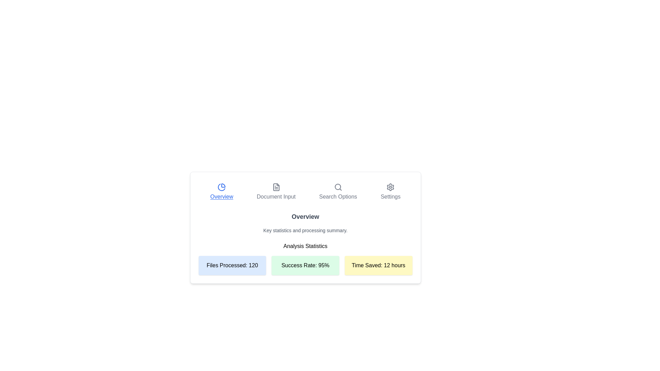 The image size is (660, 371). Describe the element at coordinates (222, 192) in the screenshot. I see `the 'Overview' button, which is a prominent blue clickable component with an underline, located at the leftmost position of a horizontal navigation bar` at that location.